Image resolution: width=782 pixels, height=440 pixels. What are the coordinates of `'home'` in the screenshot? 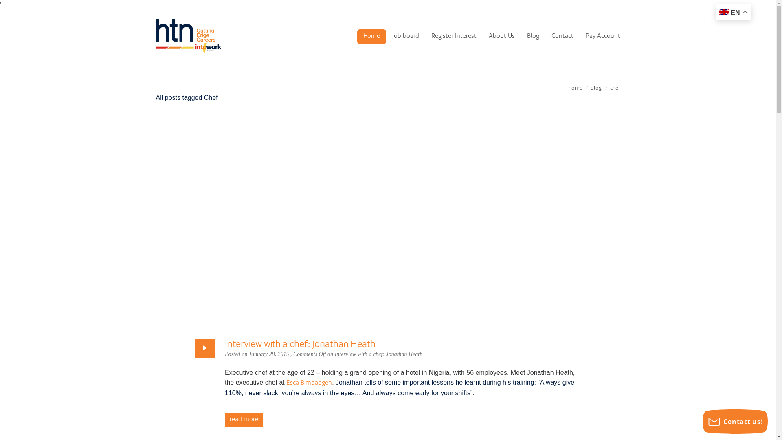 It's located at (575, 88).